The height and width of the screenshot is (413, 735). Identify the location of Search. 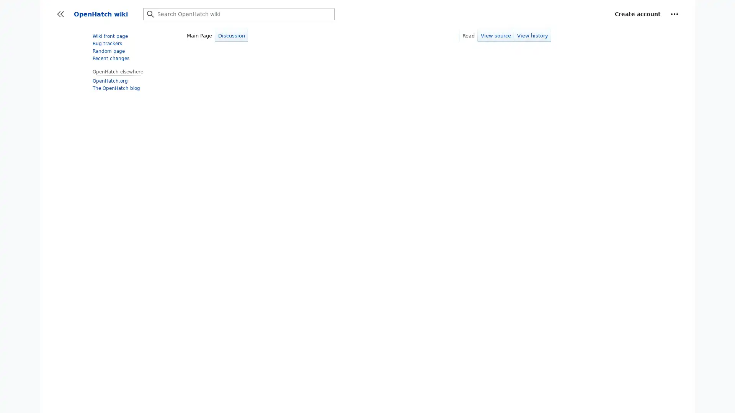
(150, 14).